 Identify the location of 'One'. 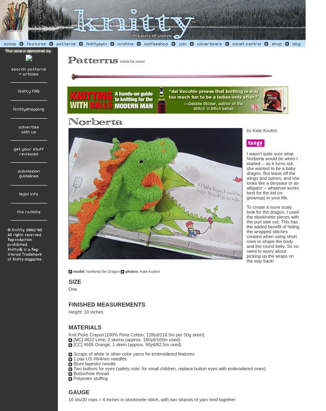
(72, 289).